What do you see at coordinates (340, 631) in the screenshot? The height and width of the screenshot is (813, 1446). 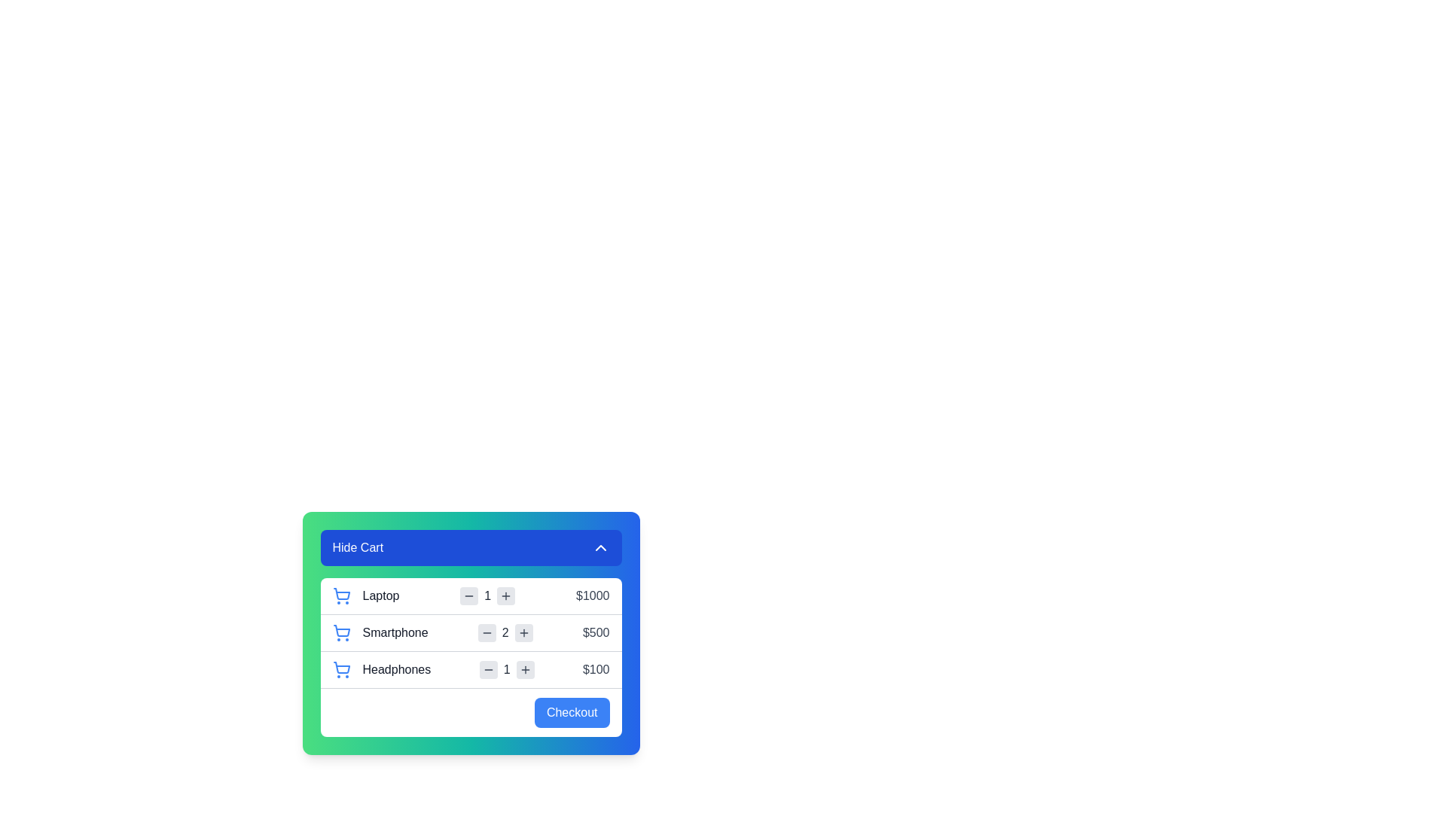 I see `the shopping cart icon component located on the far-left side of the 'Smartphone' row in the shopping cart panel, which is the second item in a list of three` at bounding box center [340, 631].